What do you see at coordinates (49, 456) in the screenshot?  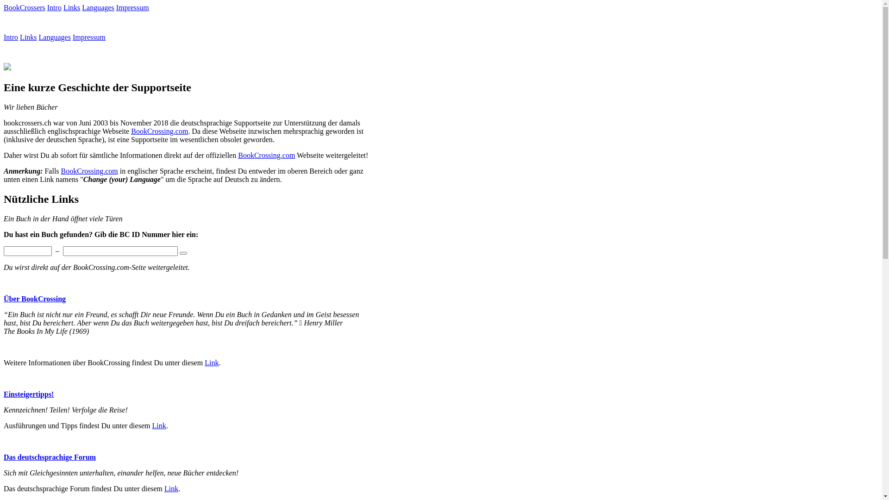 I see `'Das deutschsprachige Forum'` at bounding box center [49, 456].